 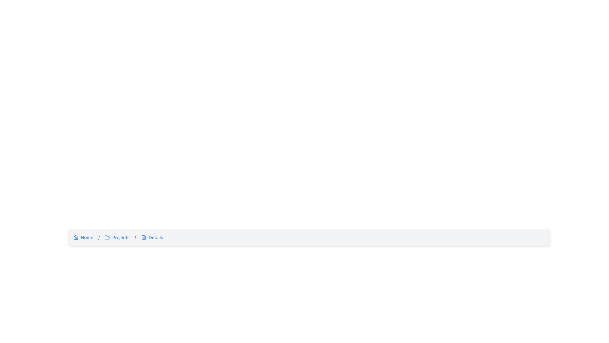 What do you see at coordinates (87, 238) in the screenshot?
I see `the 'Home' text label in the breadcrumb navigation bar to use it as a positional indicator` at bounding box center [87, 238].